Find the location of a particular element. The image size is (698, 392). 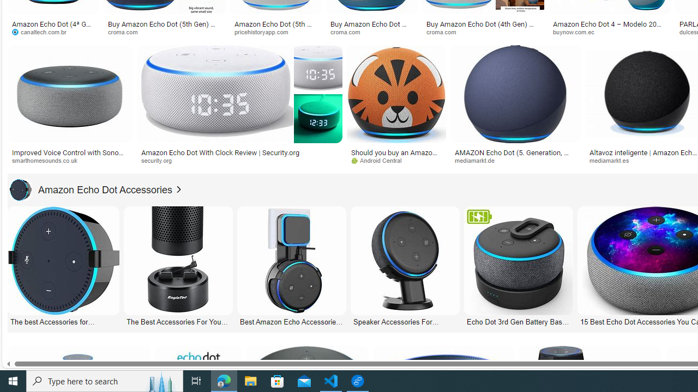

'buynow.com.ec' is located at coordinates (609, 32).